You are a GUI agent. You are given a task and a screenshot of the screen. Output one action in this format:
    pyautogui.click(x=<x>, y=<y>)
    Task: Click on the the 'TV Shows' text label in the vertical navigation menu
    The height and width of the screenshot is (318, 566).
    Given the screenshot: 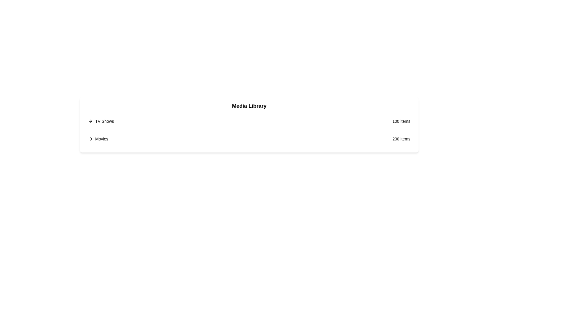 What is the action you would take?
    pyautogui.click(x=104, y=121)
    